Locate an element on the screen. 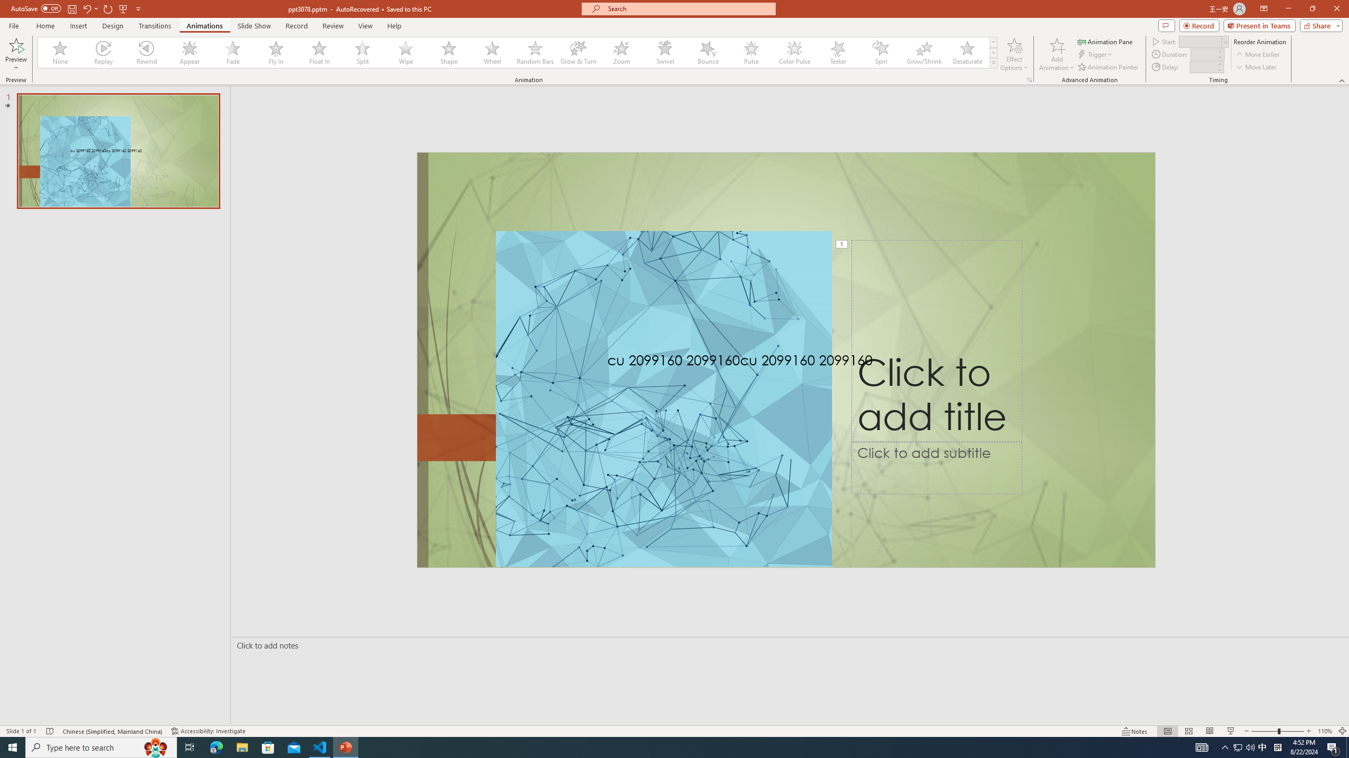  'Zoom 110%' is located at coordinates (1325, 731).